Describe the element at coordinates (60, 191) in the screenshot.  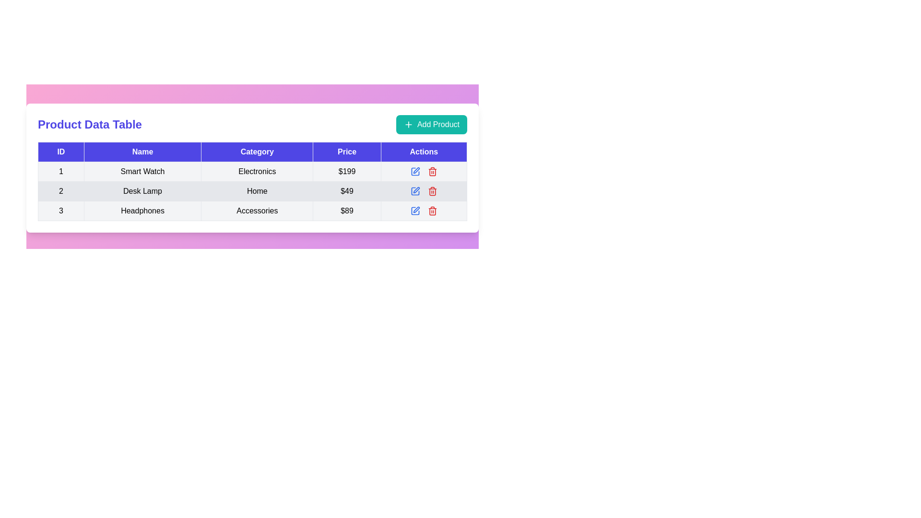
I see `the table cell that contains the black text '2', which is located in the first cell of the second row of the table` at that location.